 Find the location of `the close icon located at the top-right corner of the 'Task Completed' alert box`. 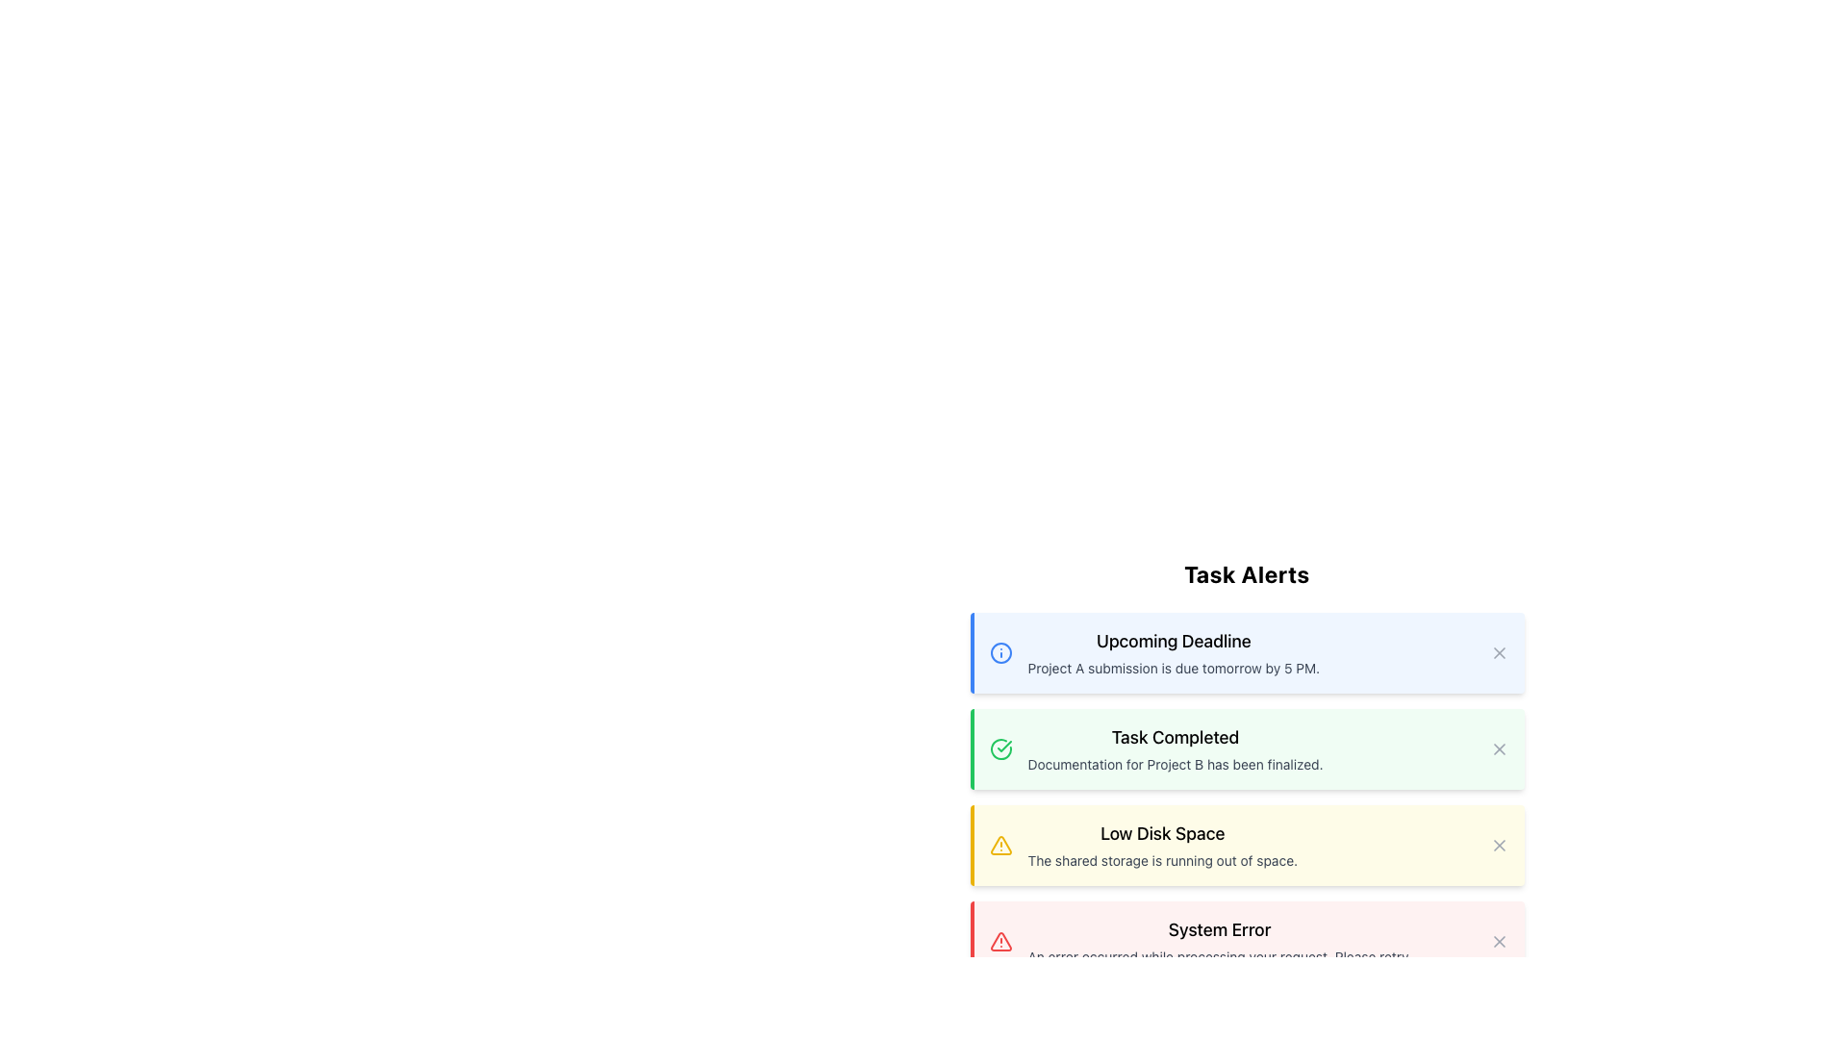

the close icon located at the top-right corner of the 'Task Completed' alert box is located at coordinates (1498, 748).